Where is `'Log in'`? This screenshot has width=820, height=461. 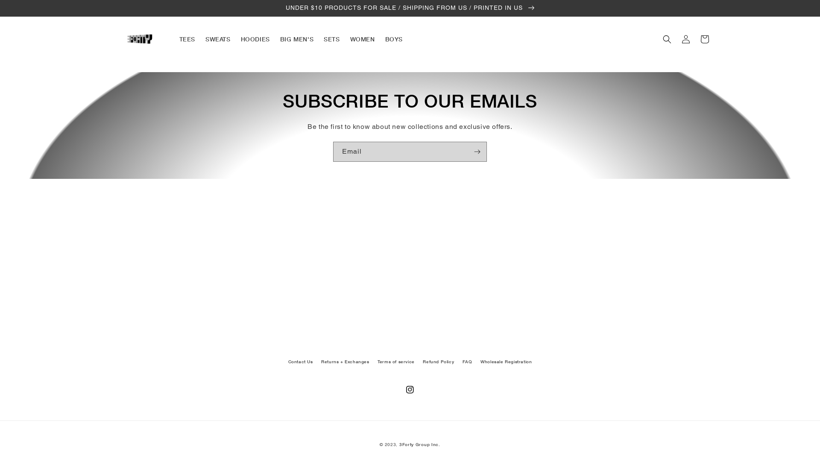 'Log in' is located at coordinates (686, 39).